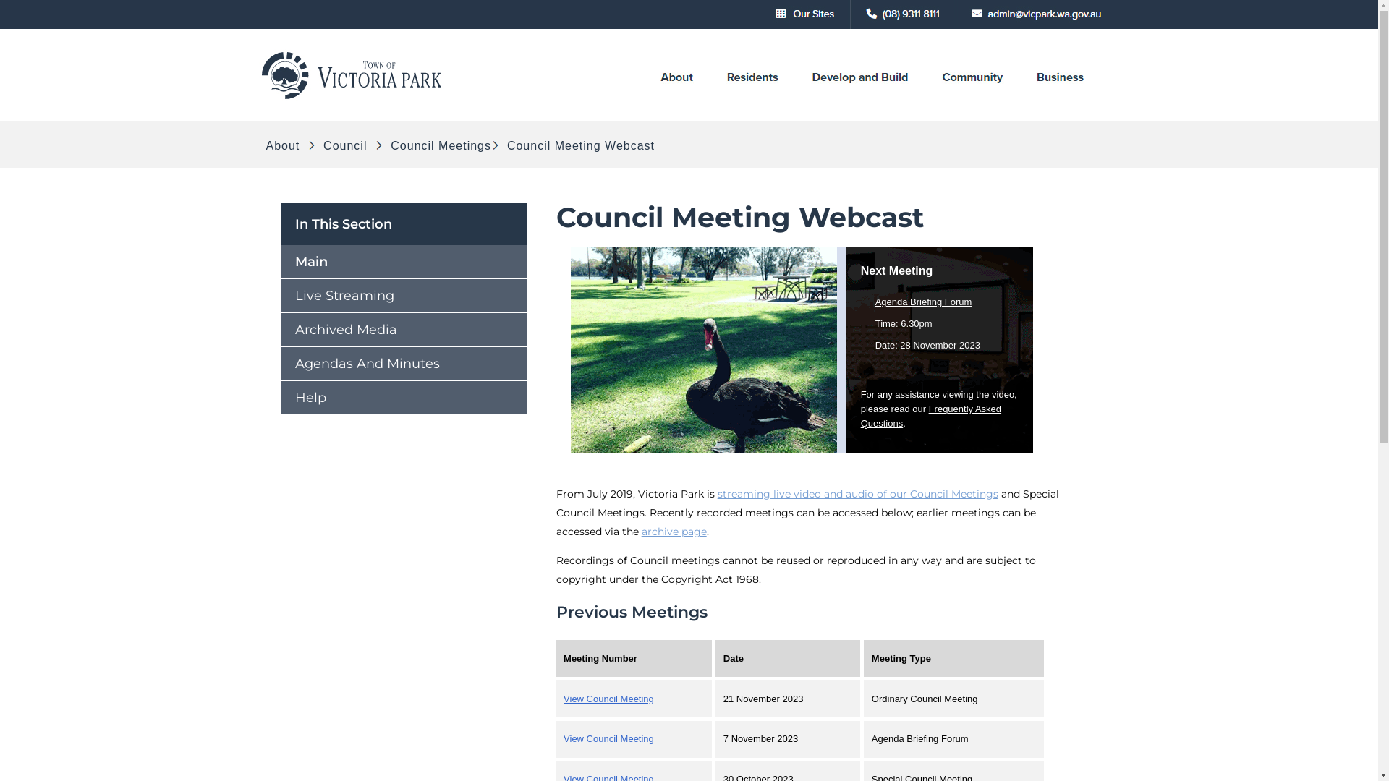 The height and width of the screenshot is (781, 1389). Describe the element at coordinates (972, 98) in the screenshot. I see `'Community'` at that location.